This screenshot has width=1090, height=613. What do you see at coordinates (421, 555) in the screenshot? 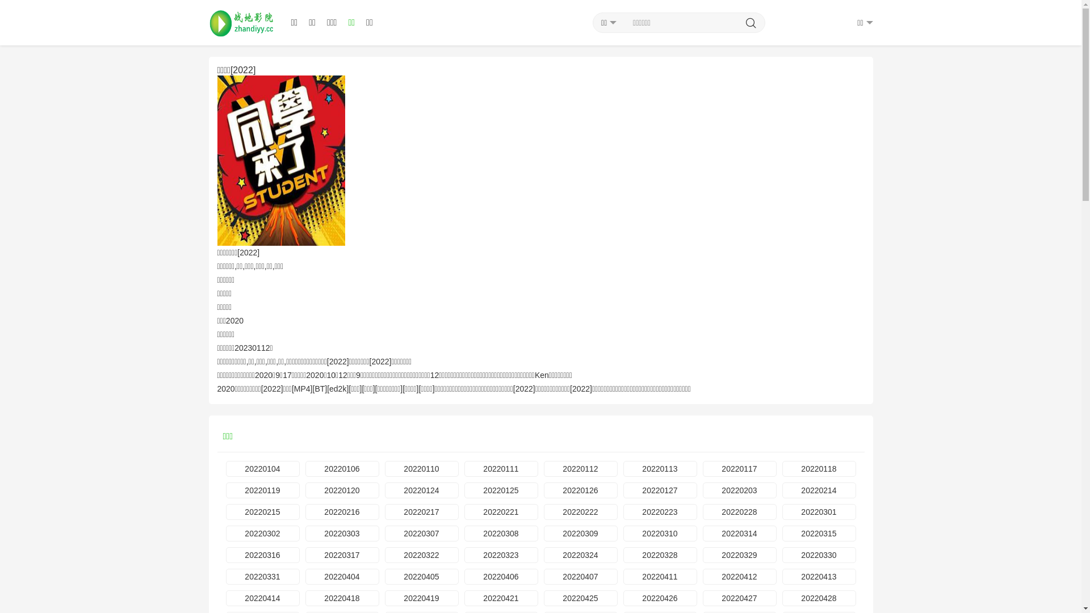
I see `'20220322'` at bounding box center [421, 555].